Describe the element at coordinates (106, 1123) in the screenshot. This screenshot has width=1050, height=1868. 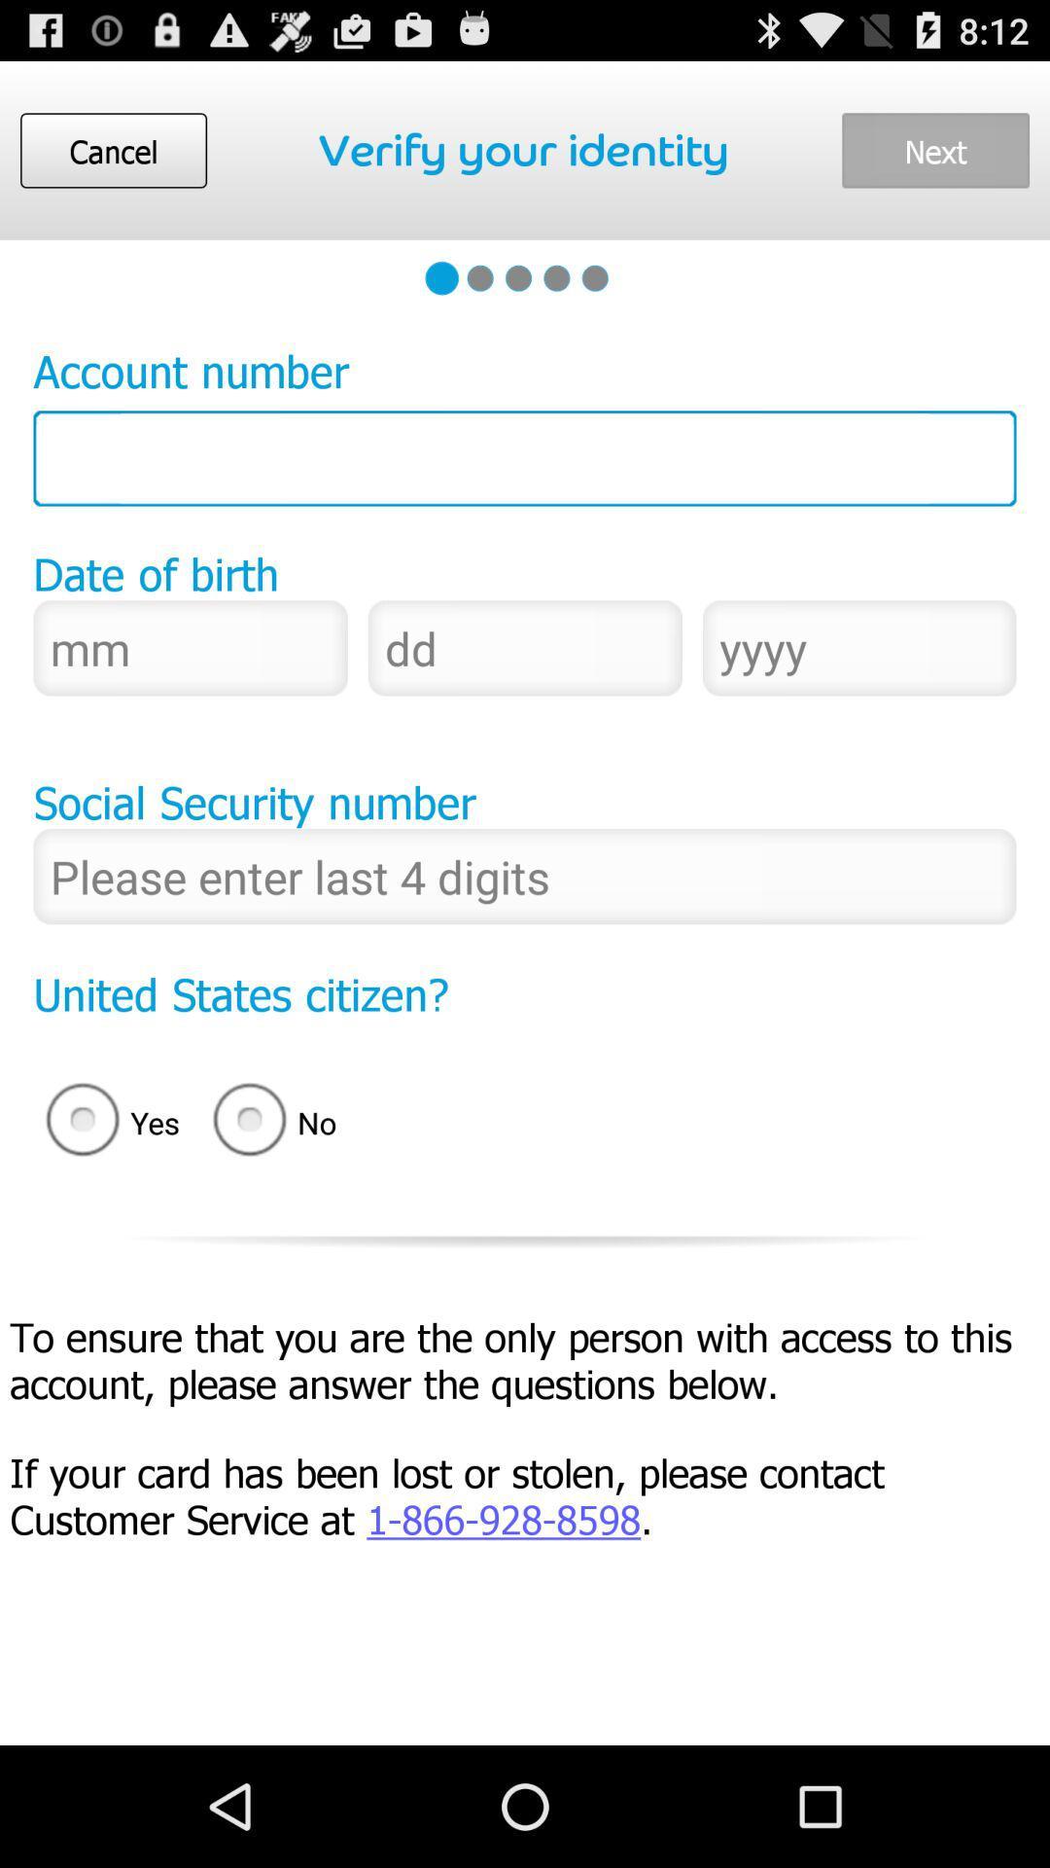
I see `radio button next to no icon` at that location.